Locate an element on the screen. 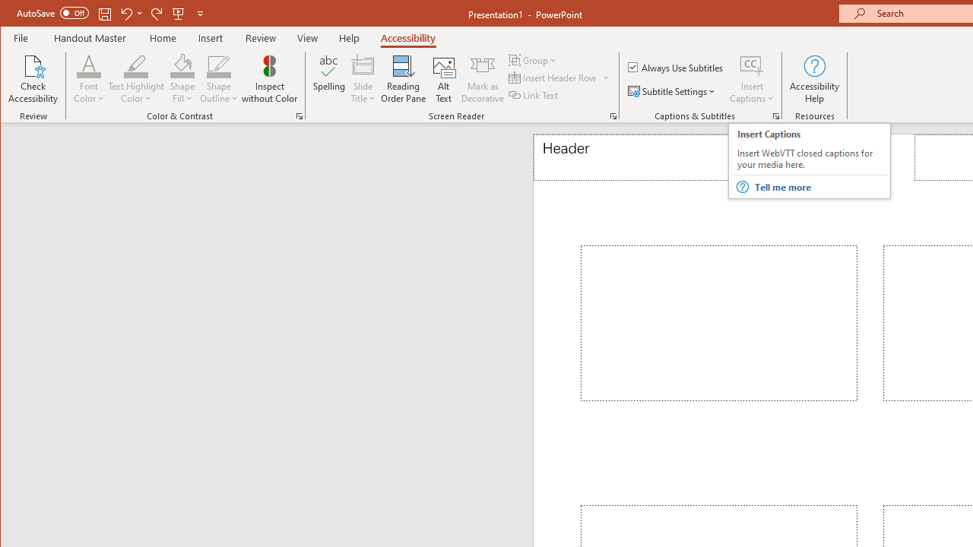  'Shape Fill Orange, Accent 2' is located at coordinates (182, 65).